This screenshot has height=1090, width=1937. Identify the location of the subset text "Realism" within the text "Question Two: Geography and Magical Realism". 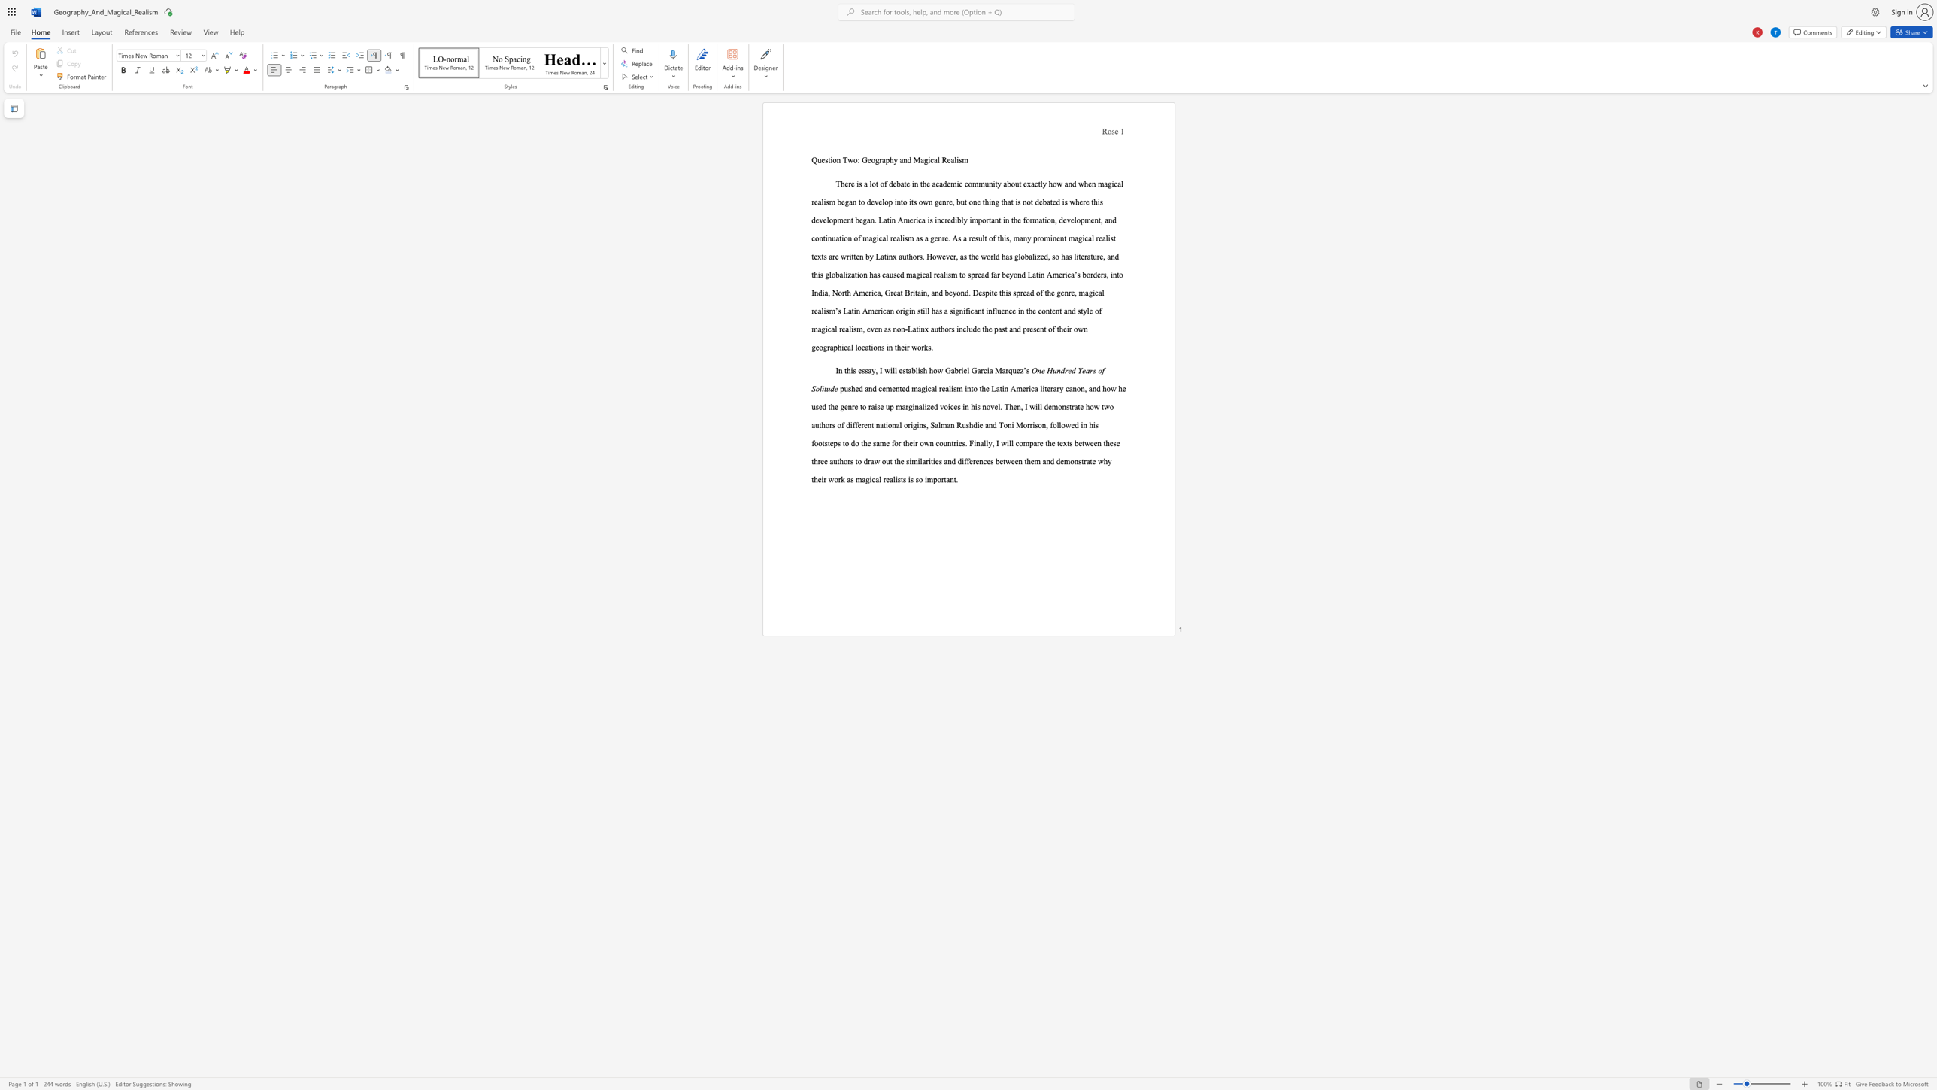
(941, 160).